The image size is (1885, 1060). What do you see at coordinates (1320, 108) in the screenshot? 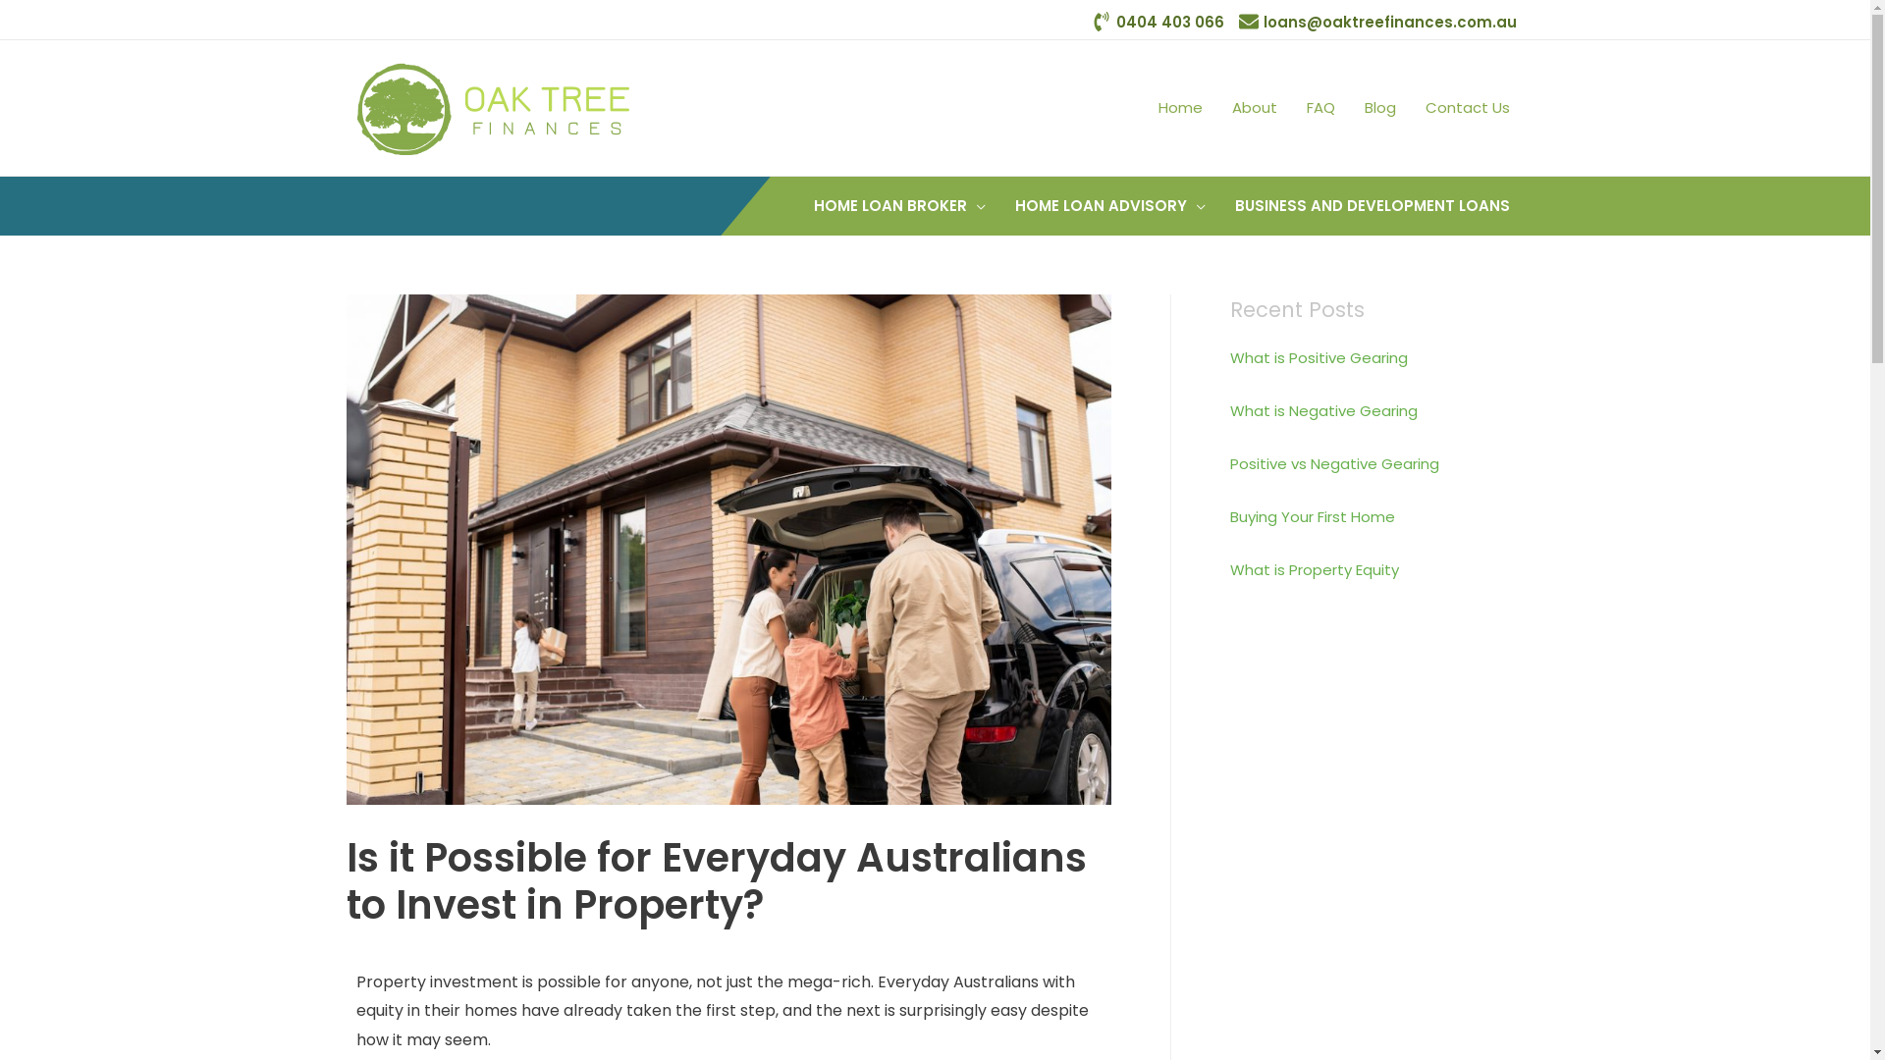
I see `'FAQ'` at bounding box center [1320, 108].